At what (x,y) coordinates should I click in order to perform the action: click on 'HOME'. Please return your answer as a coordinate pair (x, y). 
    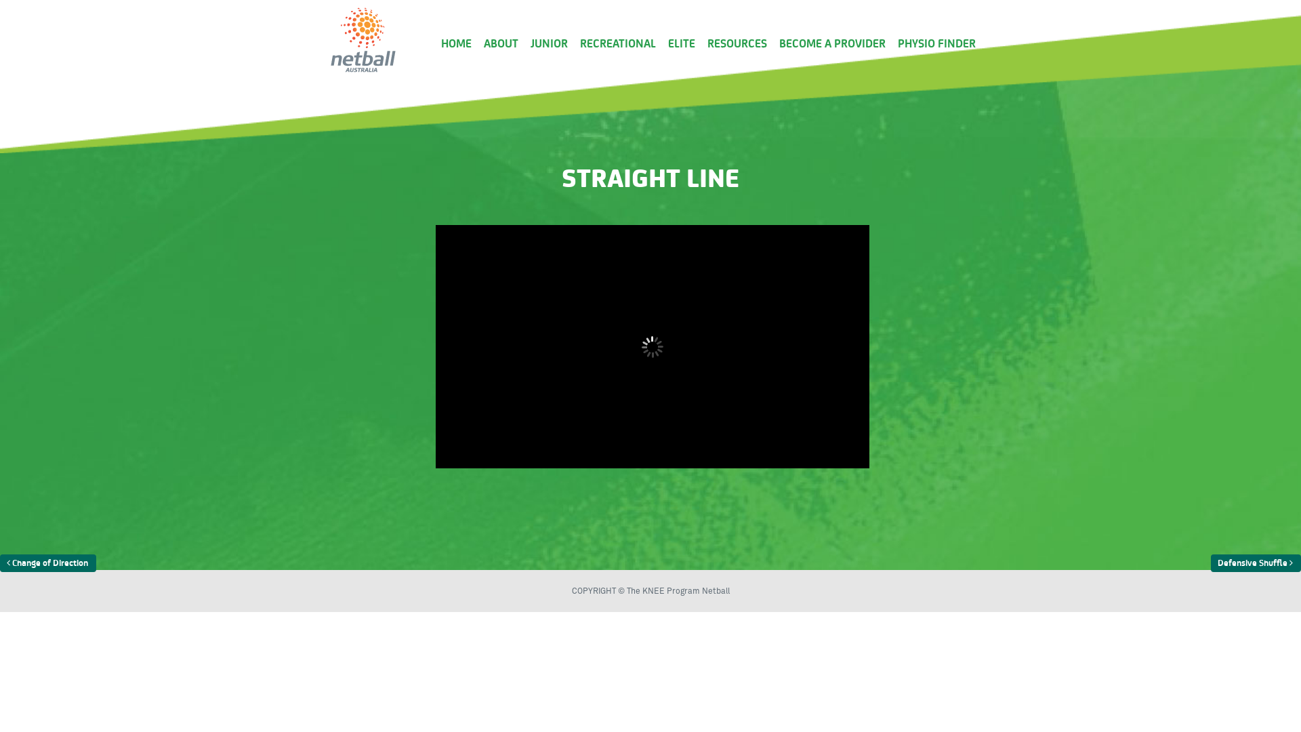
    Looking at the image, I should click on (428, 43).